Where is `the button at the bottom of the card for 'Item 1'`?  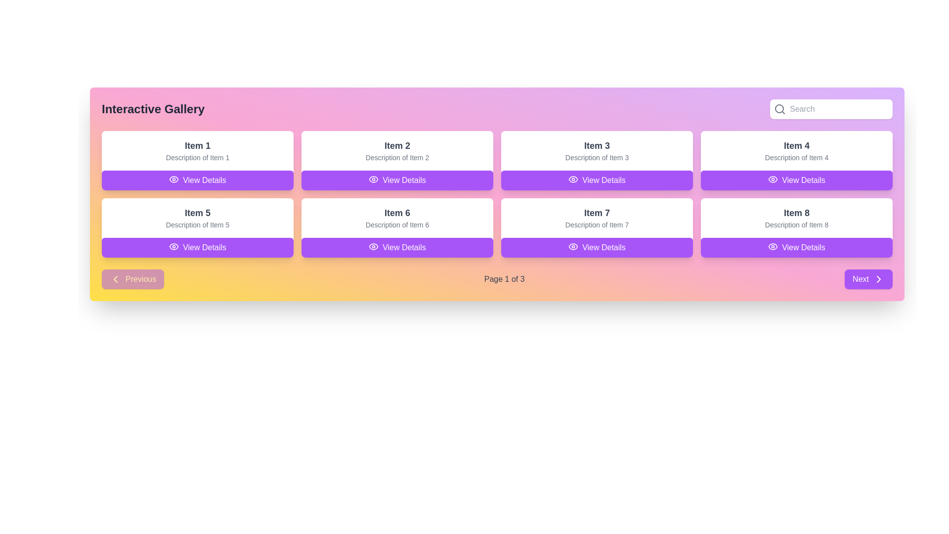
the button at the bottom of the card for 'Item 1' is located at coordinates (197, 180).